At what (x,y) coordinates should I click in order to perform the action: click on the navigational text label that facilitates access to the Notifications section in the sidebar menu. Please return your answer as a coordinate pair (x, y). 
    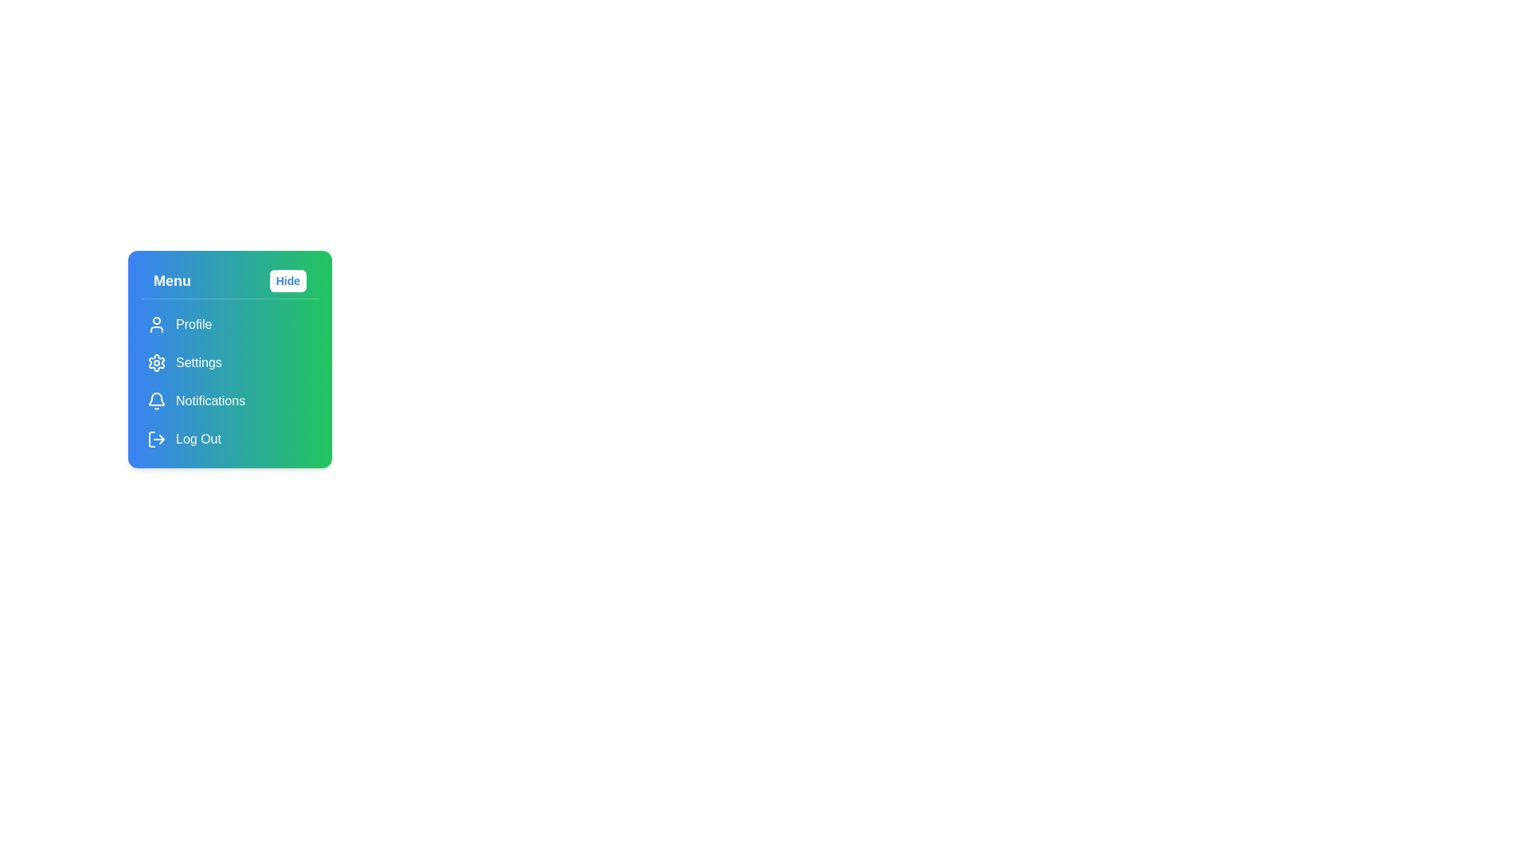
    Looking at the image, I should click on (209, 401).